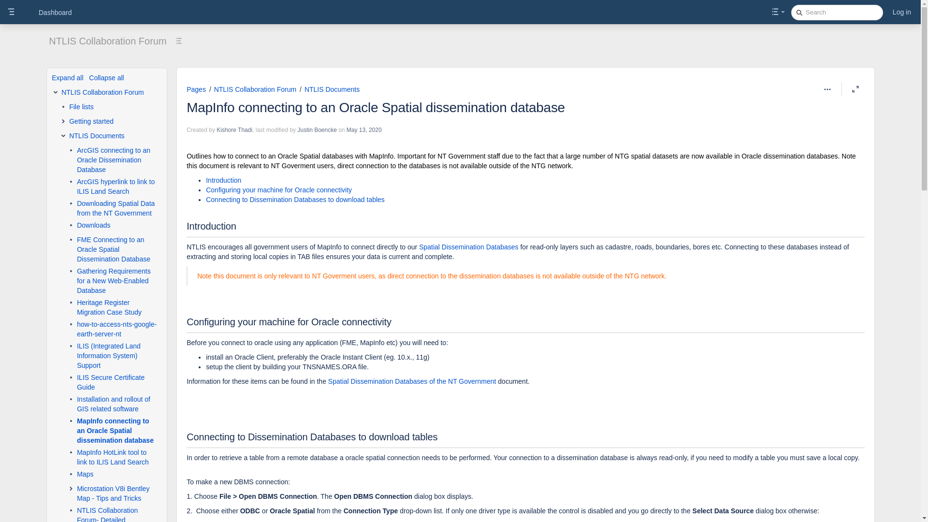 Image resolution: width=928 pixels, height=522 pixels. Describe the element at coordinates (317, 130) in the screenshot. I see `'Justin Boencke'` at that location.